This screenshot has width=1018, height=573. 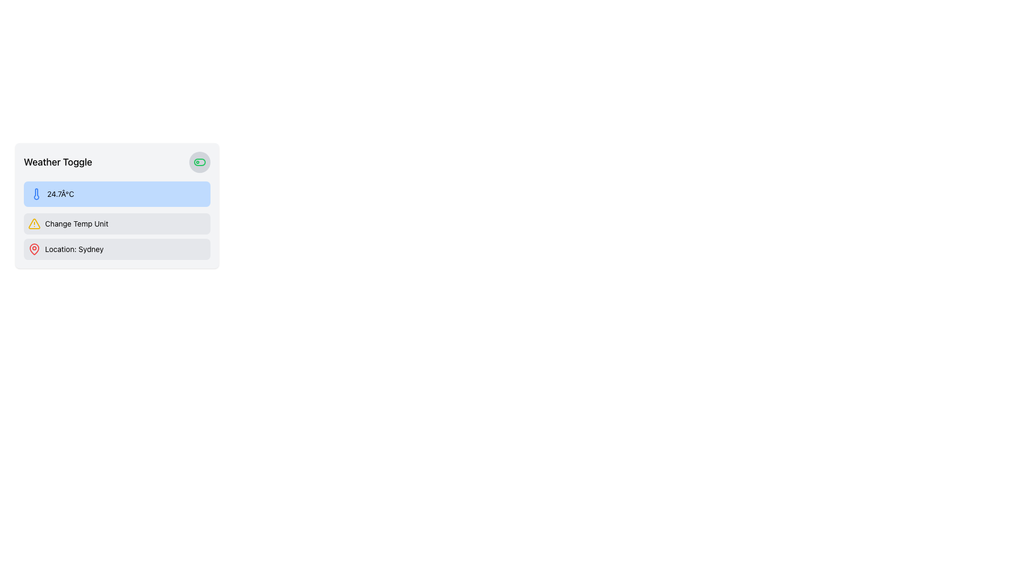 I want to click on the warning icon located to the left of the 'Change Temp Unit' text in the second row of the 'Weather Toggle' panel for more details, so click(x=34, y=223).